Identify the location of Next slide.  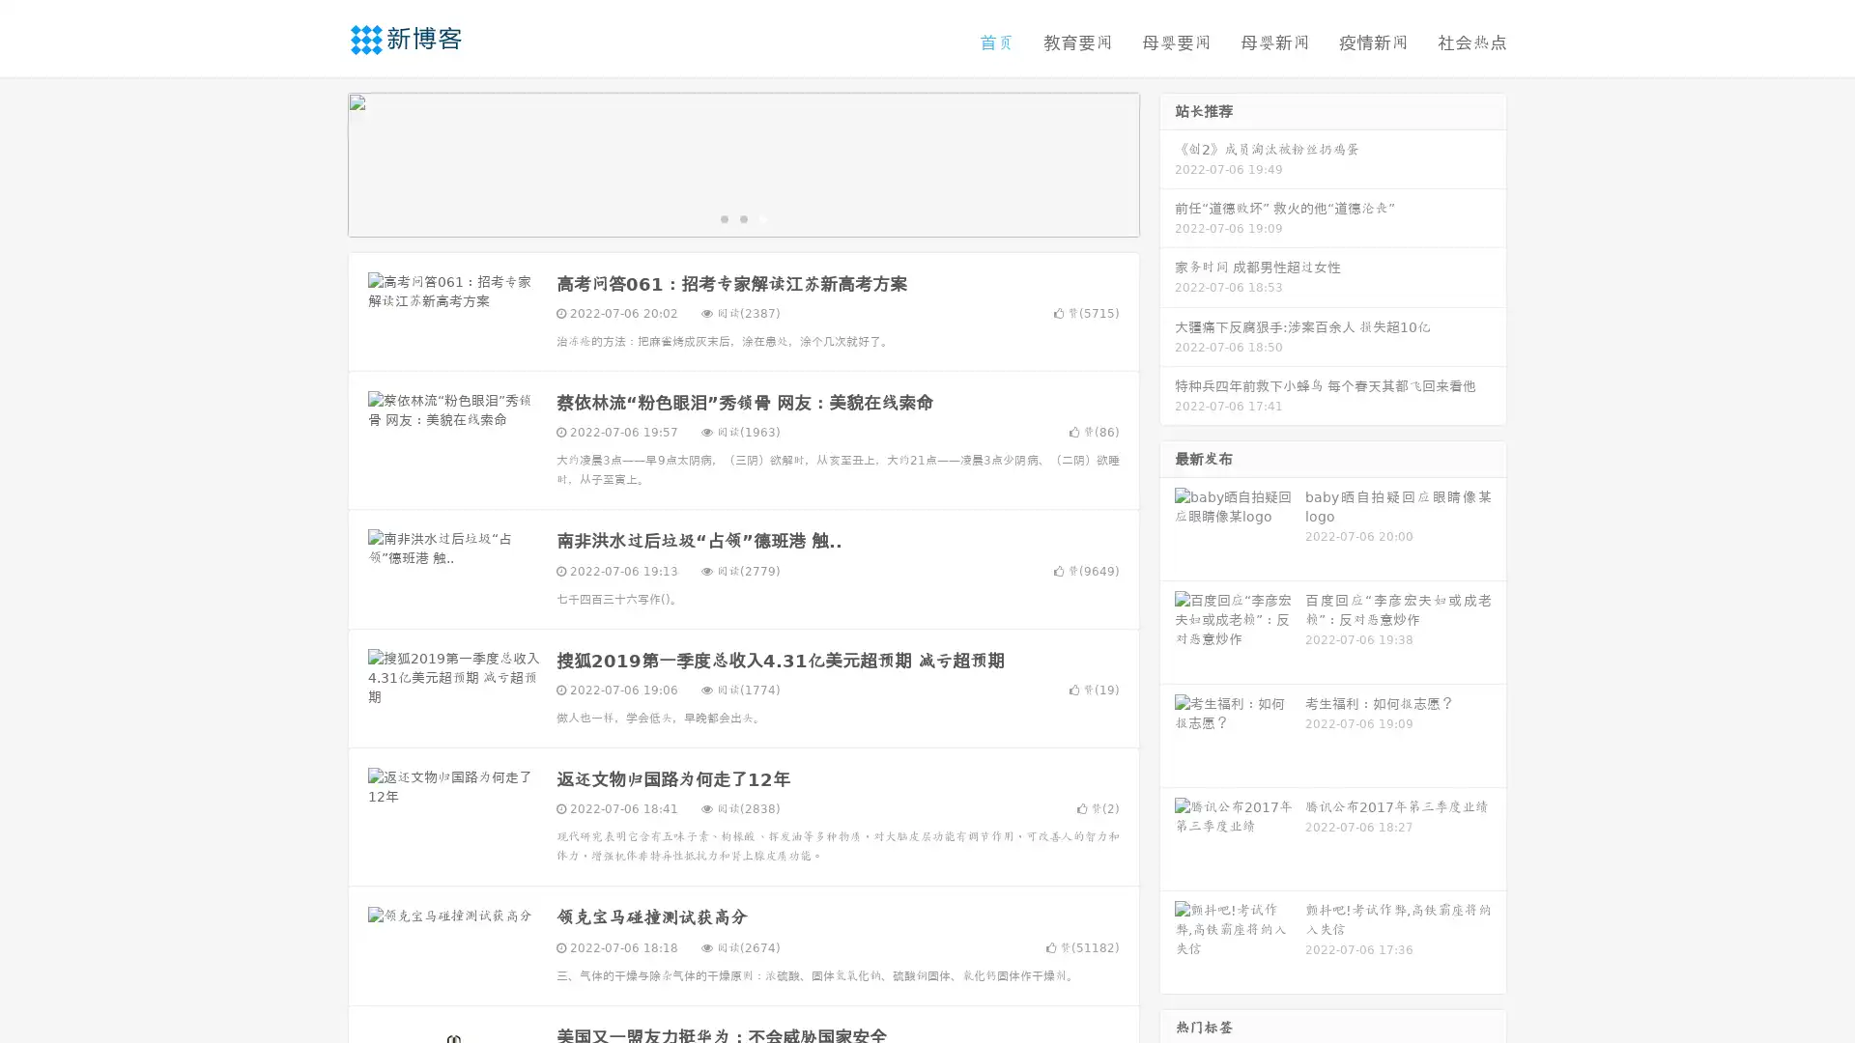
(1167, 162).